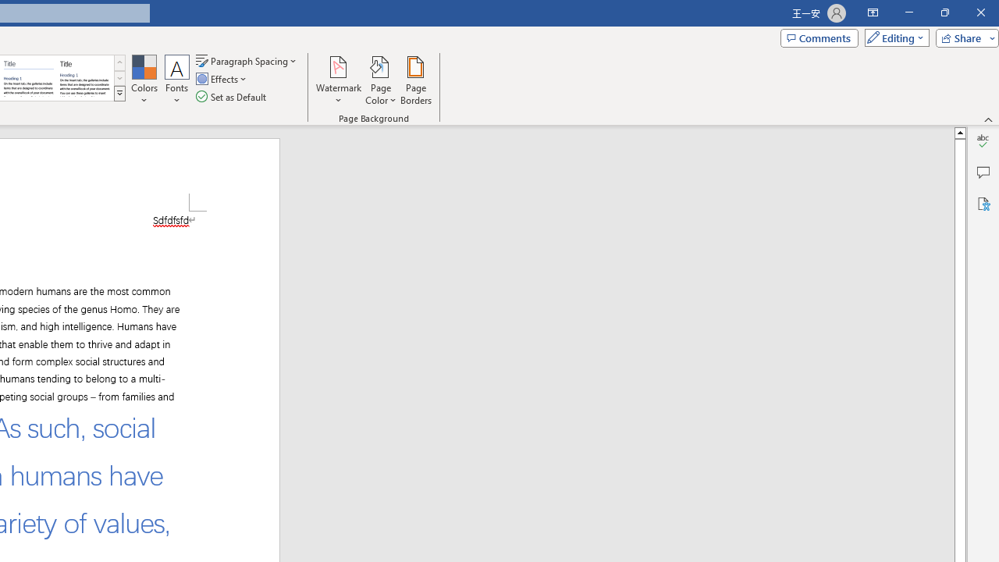 The image size is (999, 562). What do you see at coordinates (222, 79) in the screenshot?
I see `'Effects'` at bounding box center [222, 79].